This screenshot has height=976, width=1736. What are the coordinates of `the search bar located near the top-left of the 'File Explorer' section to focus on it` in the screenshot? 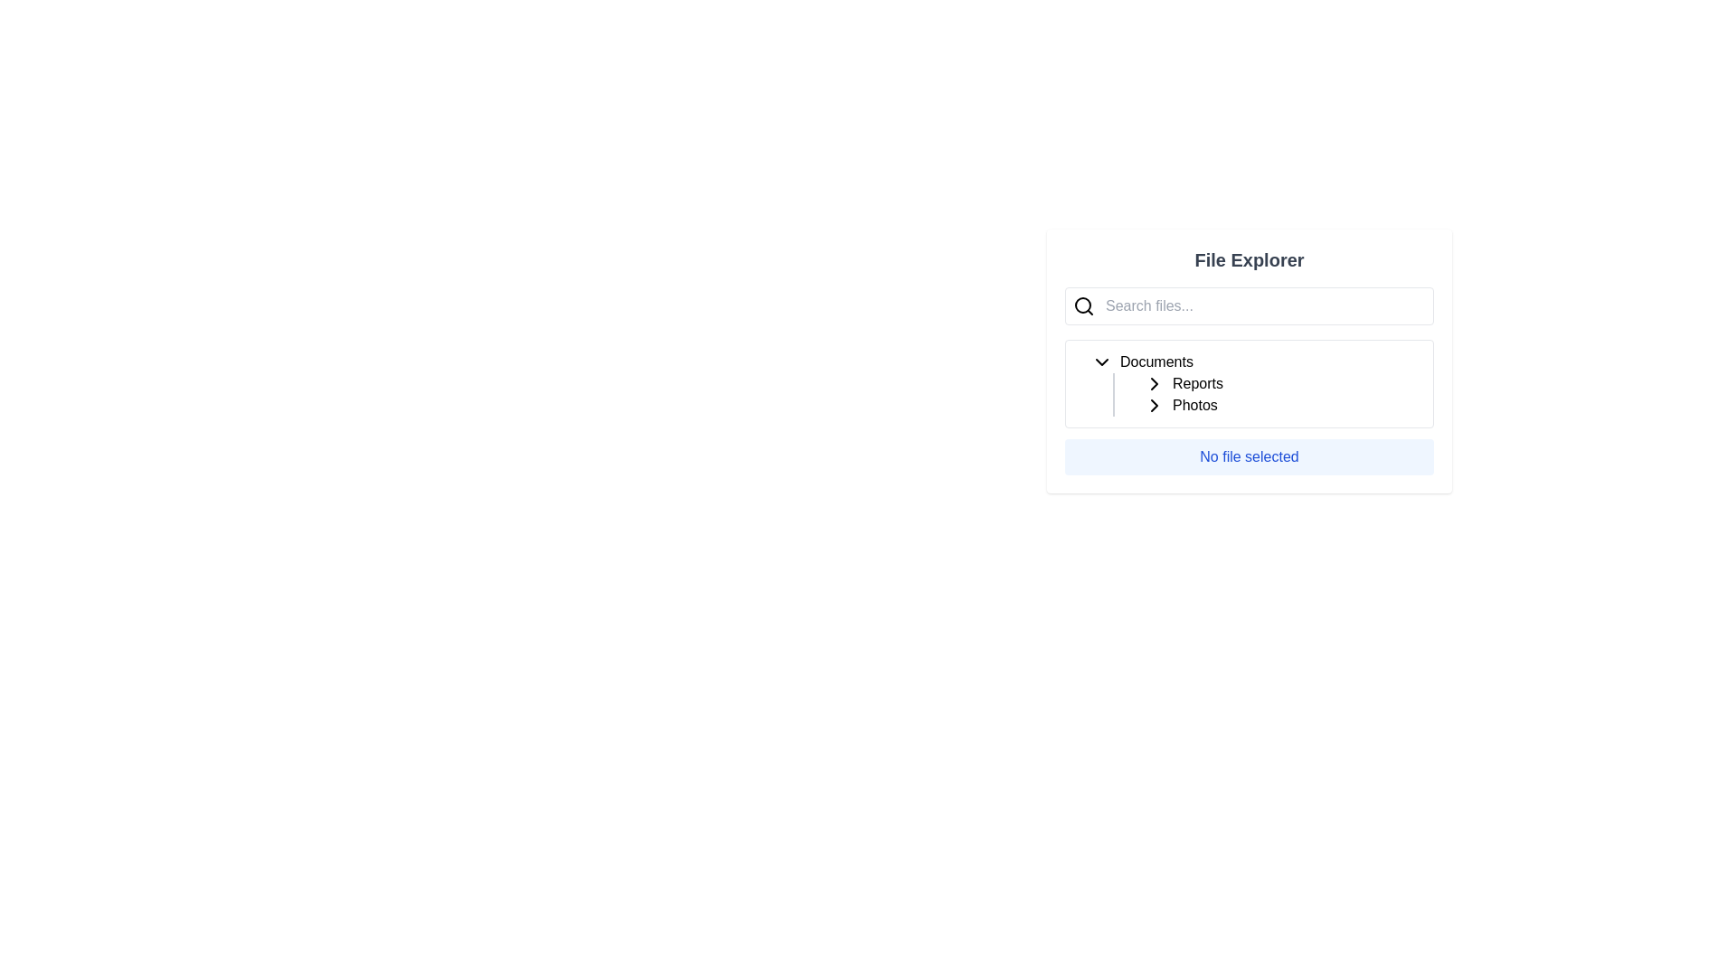 It's located at (1249, 305).